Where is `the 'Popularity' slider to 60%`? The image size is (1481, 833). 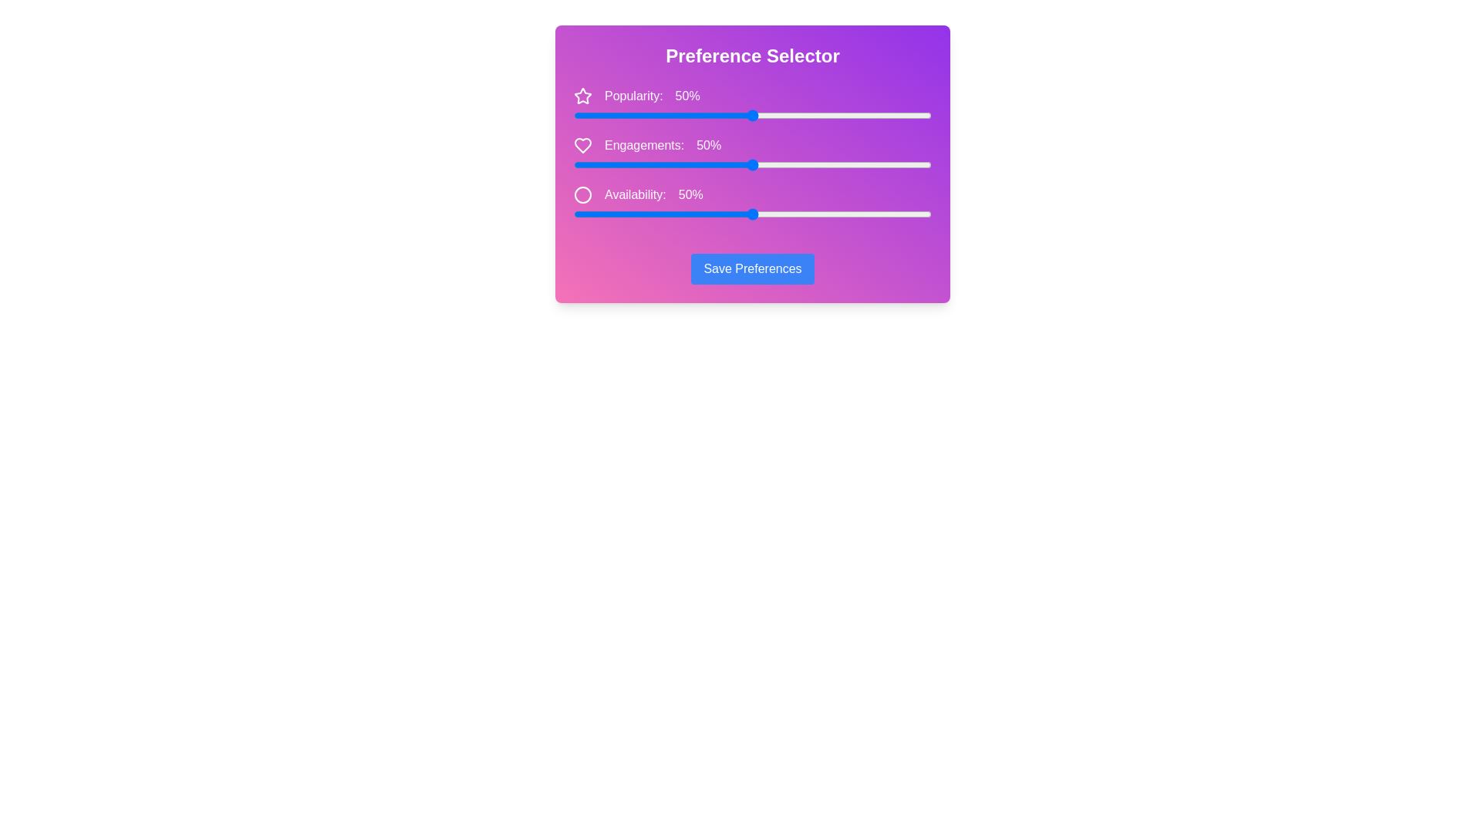
the 'Popularity' slider to 60% is located at coordinates (788, 115).